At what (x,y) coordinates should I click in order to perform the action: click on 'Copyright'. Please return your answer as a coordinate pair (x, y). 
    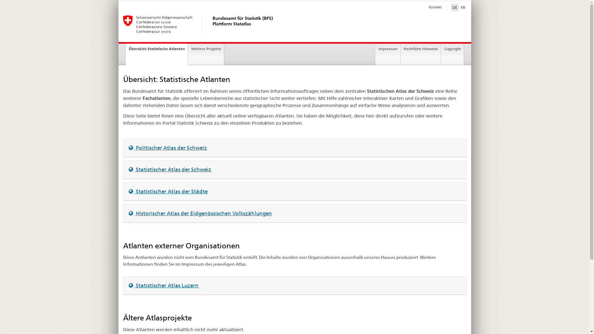
    Looking at the image, I should click on (453, 54).